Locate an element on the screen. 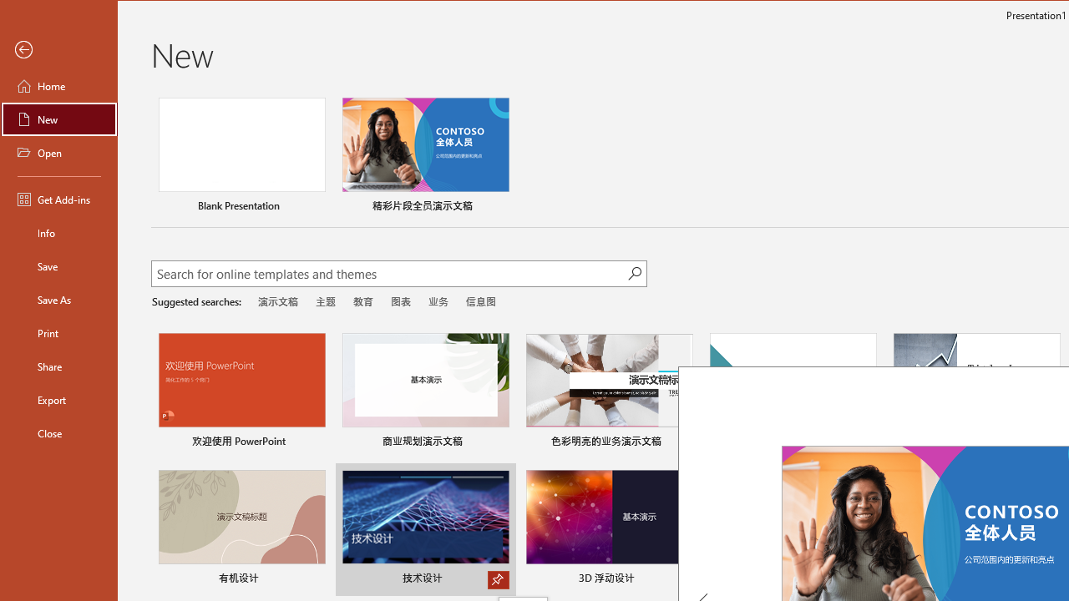  'New' is located at coordinates (59, 118).